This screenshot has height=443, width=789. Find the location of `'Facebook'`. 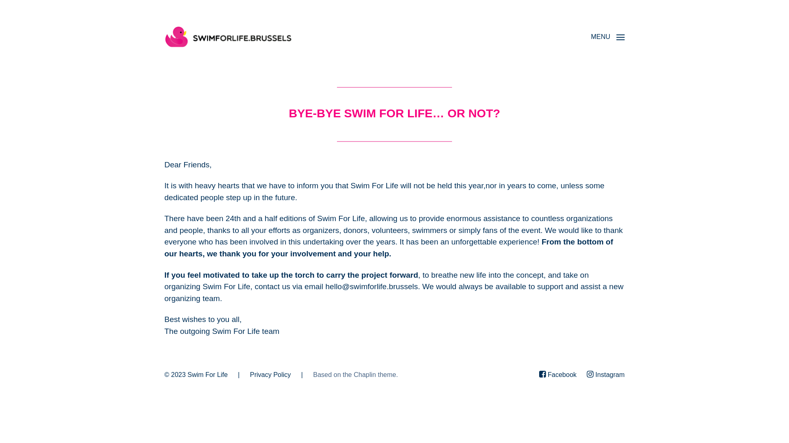

'Facebook' is located at coordinates (558, 375).